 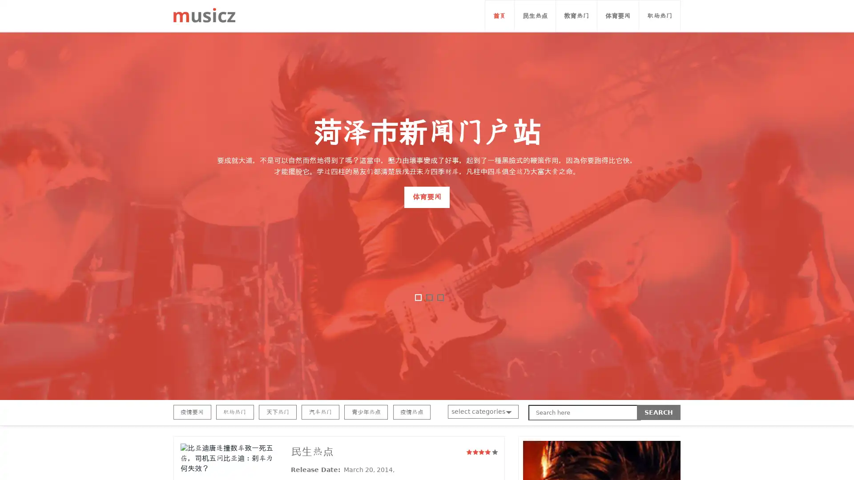 I want to click on search, so click(x=659, y=412).